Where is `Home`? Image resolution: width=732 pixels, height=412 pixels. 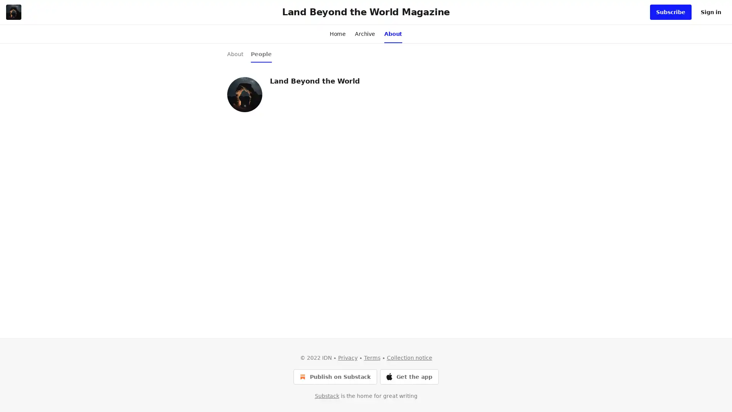 Home is located at coordinates (337, 33).